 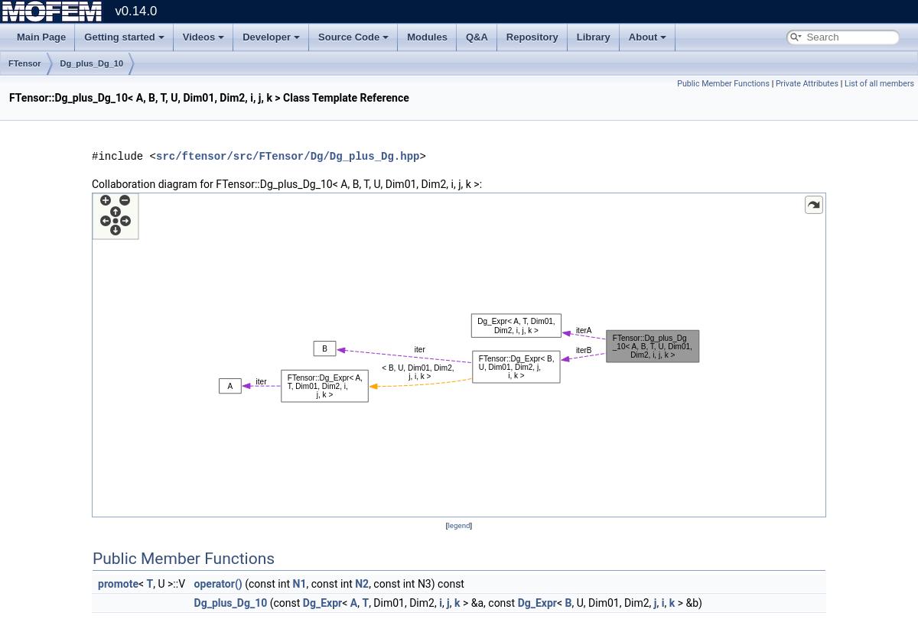 I want to click on 'src/ftensor/src/FTensor/Dg/Dg_plus_Dg.hpp', so click(x=155, y=156).